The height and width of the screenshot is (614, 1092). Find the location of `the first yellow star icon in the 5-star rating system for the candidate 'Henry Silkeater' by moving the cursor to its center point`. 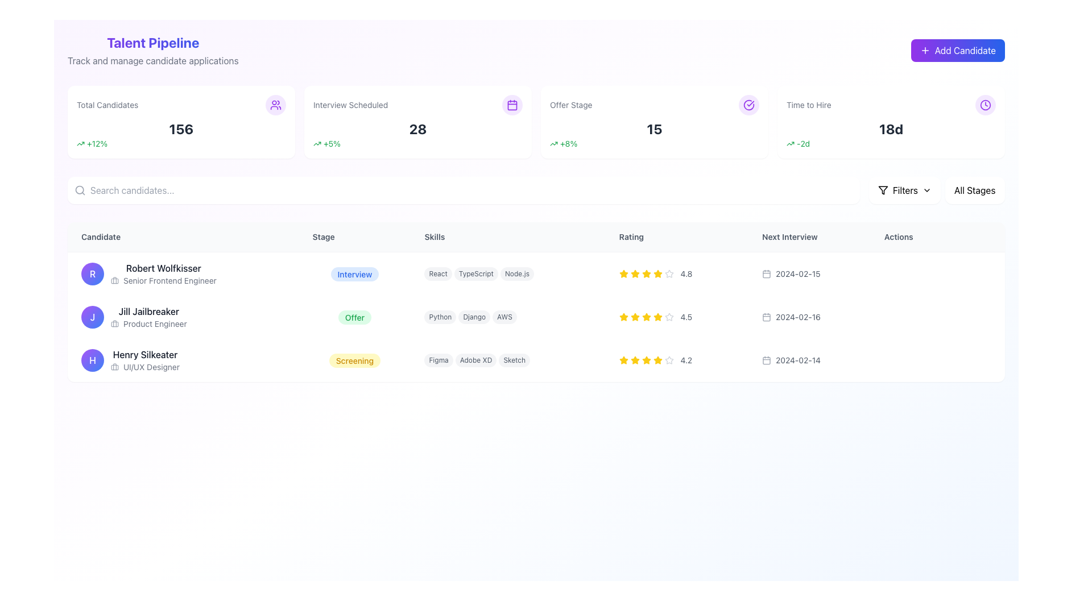

the first yellow star icon in the 5-star rating system for the candidate 'Henry Silkeater' by moving the cursor to its center point is located at coordinates (623, 360).